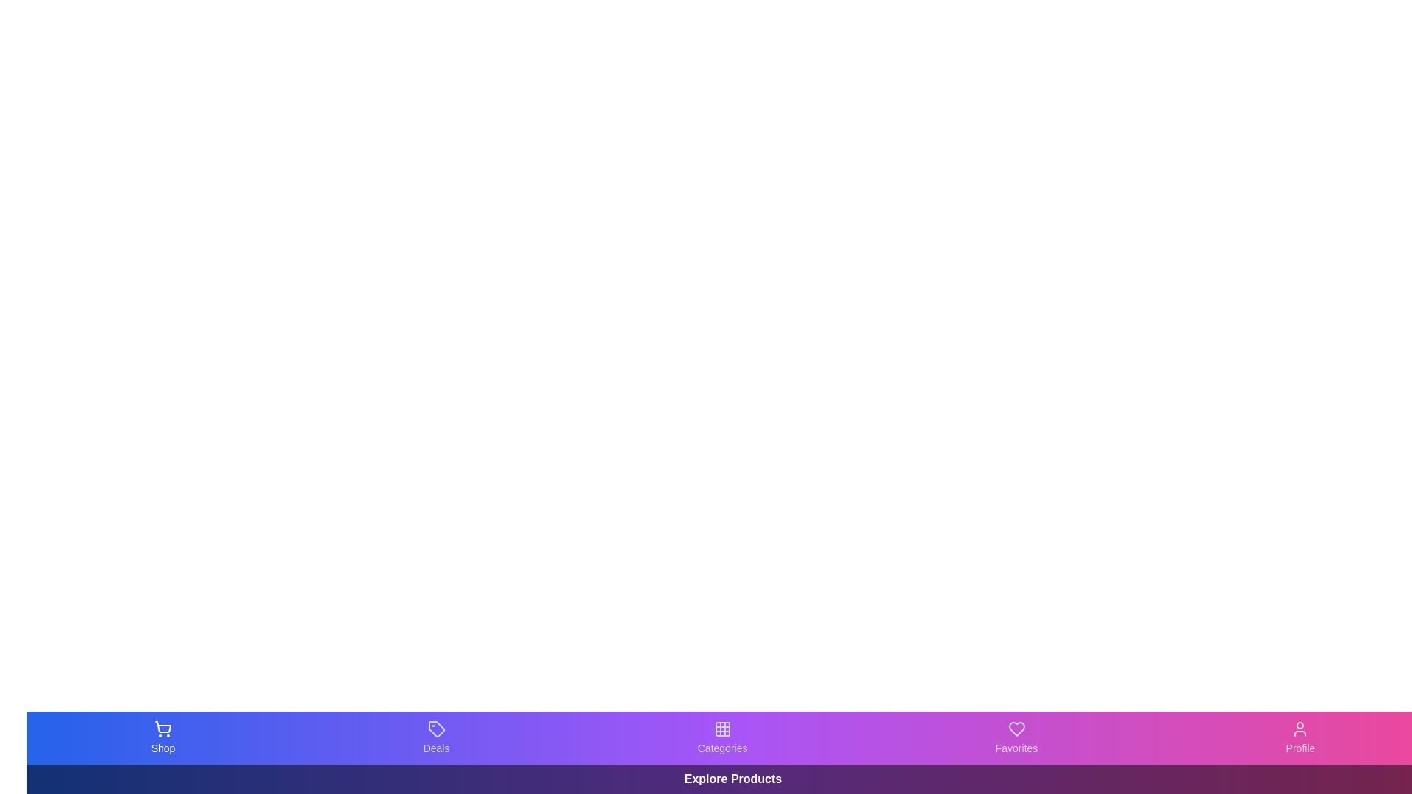 Image resolution: width=1412 pixels, height=794 pixels. Describe the element at coordinates (163, 737) in the screenshot. I see `the Shop tab in the bottom navigation bar` at that location.